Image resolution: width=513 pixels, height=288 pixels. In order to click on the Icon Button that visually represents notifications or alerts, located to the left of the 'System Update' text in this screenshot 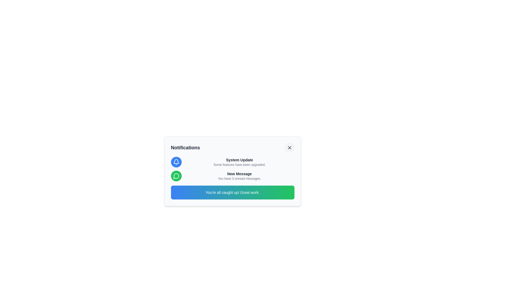, I will do `click(176, 162)`.